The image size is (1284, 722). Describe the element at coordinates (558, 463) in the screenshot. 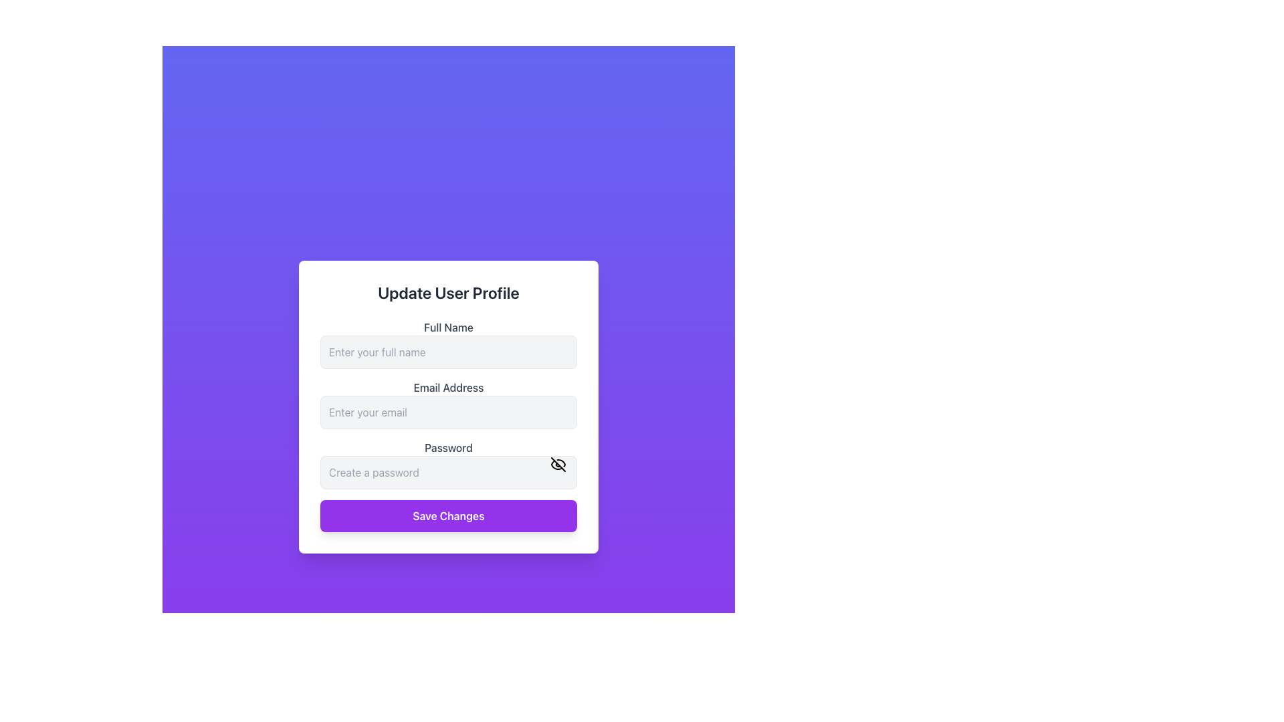

I see `the visibility toggle button with an eye icon and a line crossing it, located to the far right of the 'Password' input field` at that location.